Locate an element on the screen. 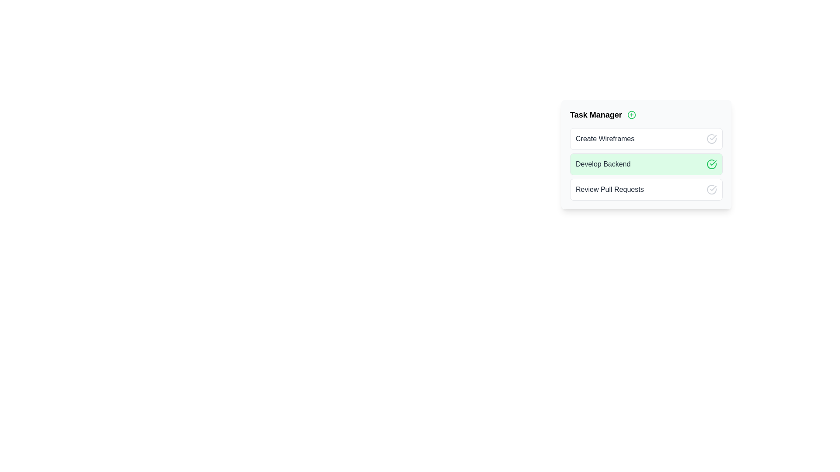 The image size is (840, 472). the 'Review Pull Requests' text label, which serves as an identification label for a task in the task management interface is located at coordinates (609, 189).